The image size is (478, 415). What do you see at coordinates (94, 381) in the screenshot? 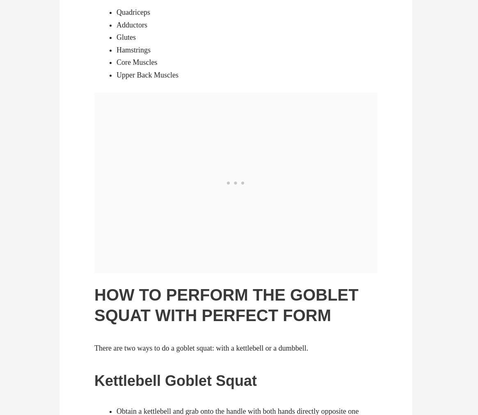
I see `'Kettlebell Goblet Squat'` at bounding box center [94, 381].